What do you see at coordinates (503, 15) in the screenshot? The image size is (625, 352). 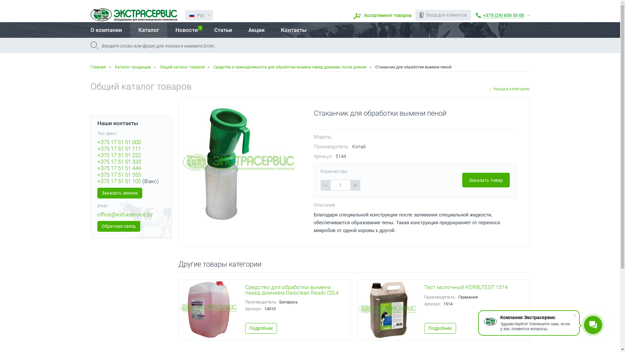 I see `'+375 (29) 650 50 00'` at bounding box center [503, 15].